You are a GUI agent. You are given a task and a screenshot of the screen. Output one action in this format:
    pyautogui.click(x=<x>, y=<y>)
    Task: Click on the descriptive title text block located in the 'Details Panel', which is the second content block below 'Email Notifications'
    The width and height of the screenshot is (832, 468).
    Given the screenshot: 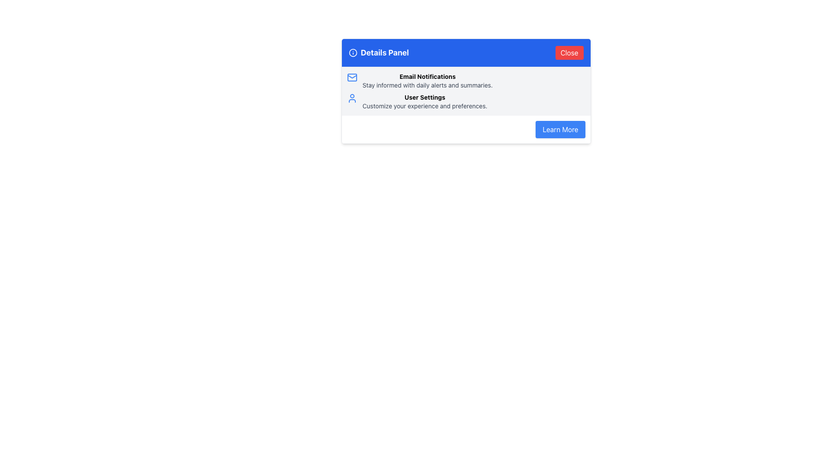 What is the action you would take?
    pyautogui.click(x=425, y=101)
    